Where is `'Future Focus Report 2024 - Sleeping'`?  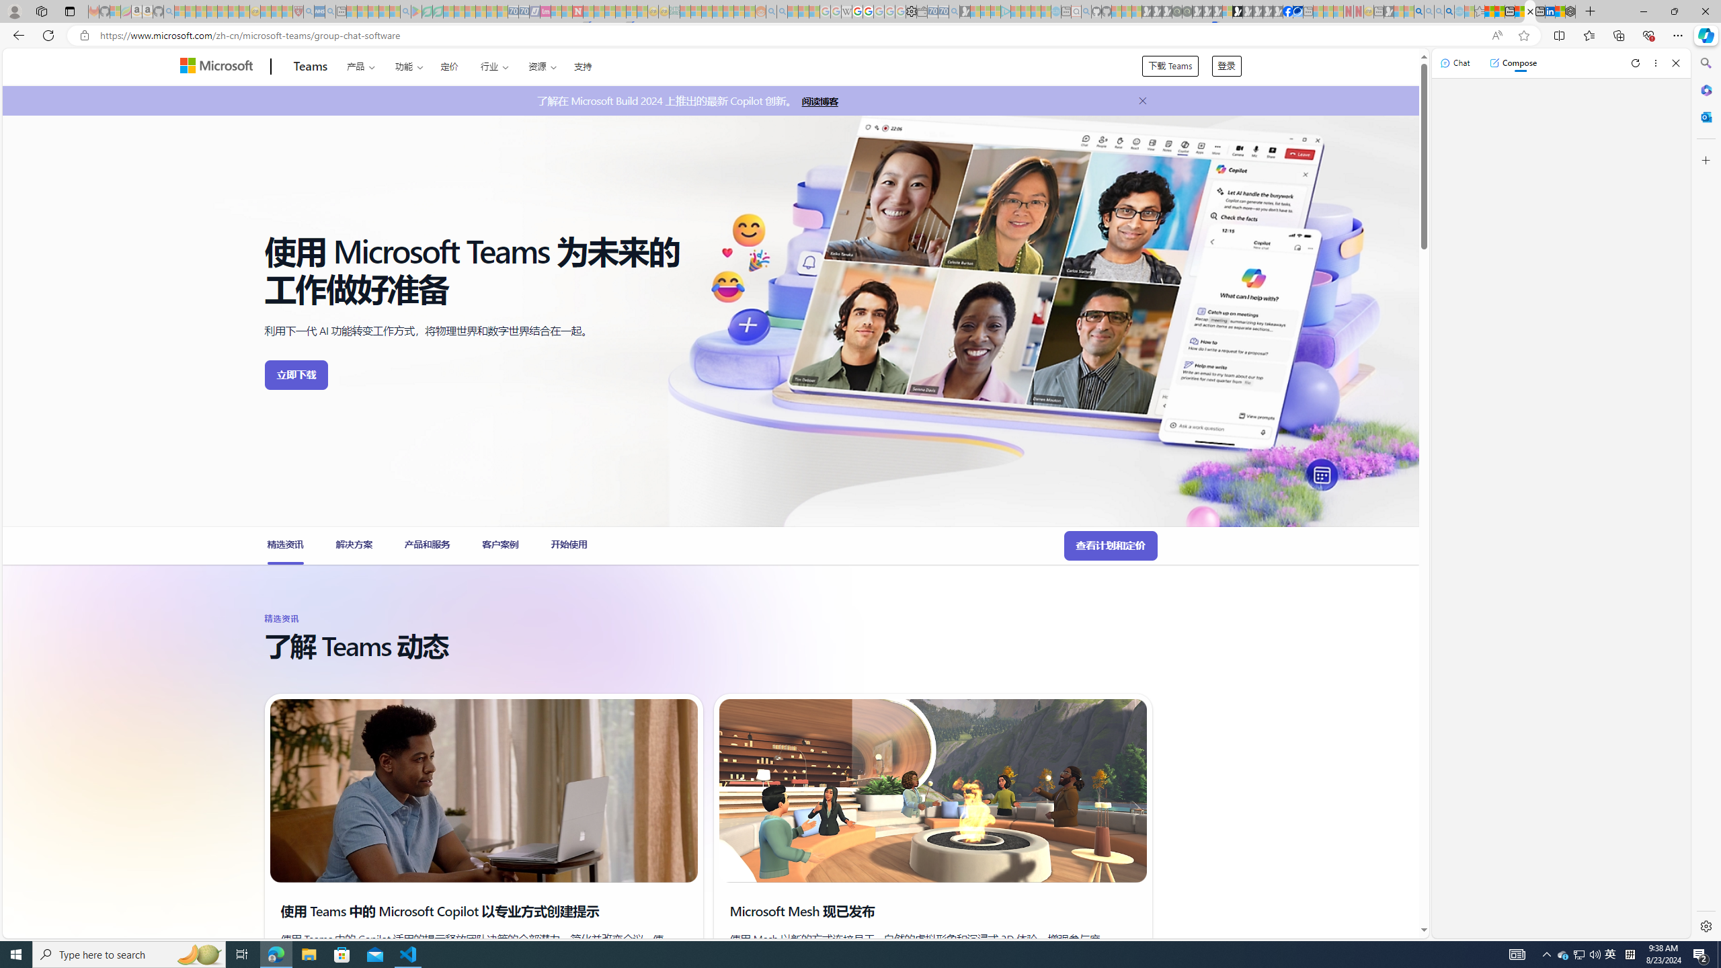 'Future Focus Report 2024 - Sleeping' is located at coordinates (1187, 11).